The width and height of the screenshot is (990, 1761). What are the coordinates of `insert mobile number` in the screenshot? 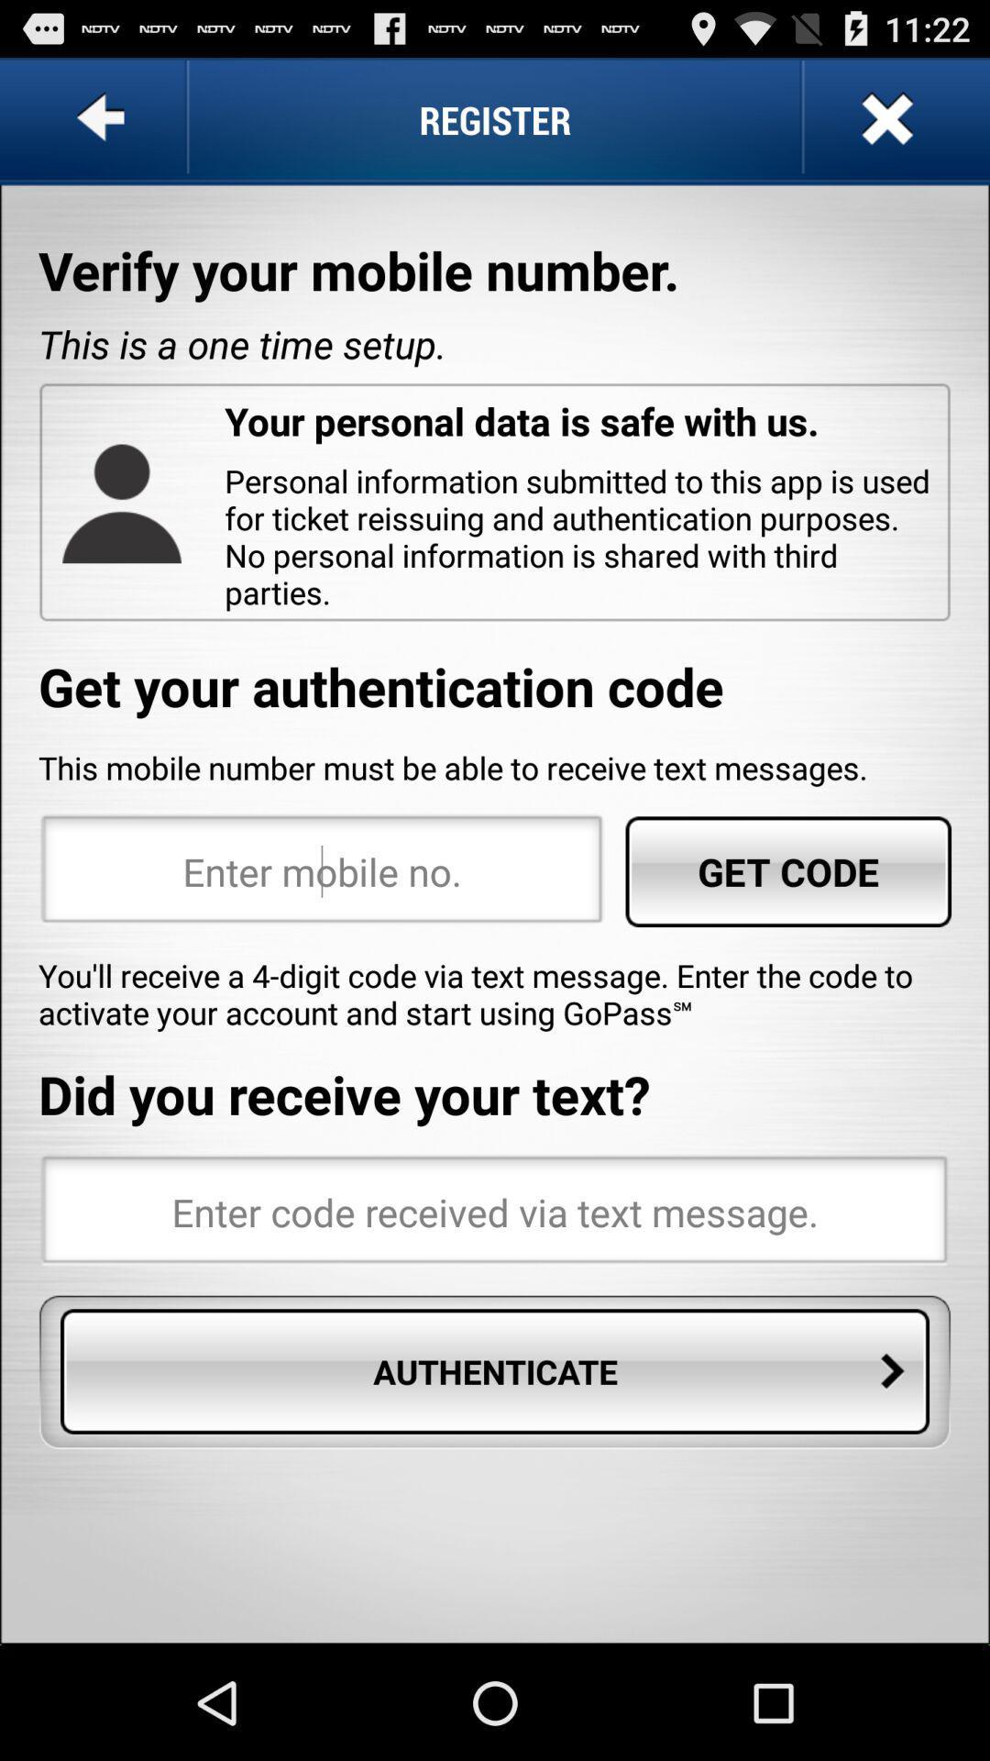 It's located at (321, 870).